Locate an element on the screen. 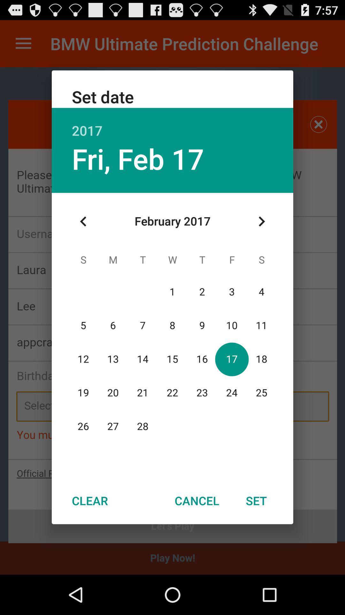 The width and height of the screenshot is (345, 615). the item below the fri, feb 17 item is located at coordinates (83, 221).